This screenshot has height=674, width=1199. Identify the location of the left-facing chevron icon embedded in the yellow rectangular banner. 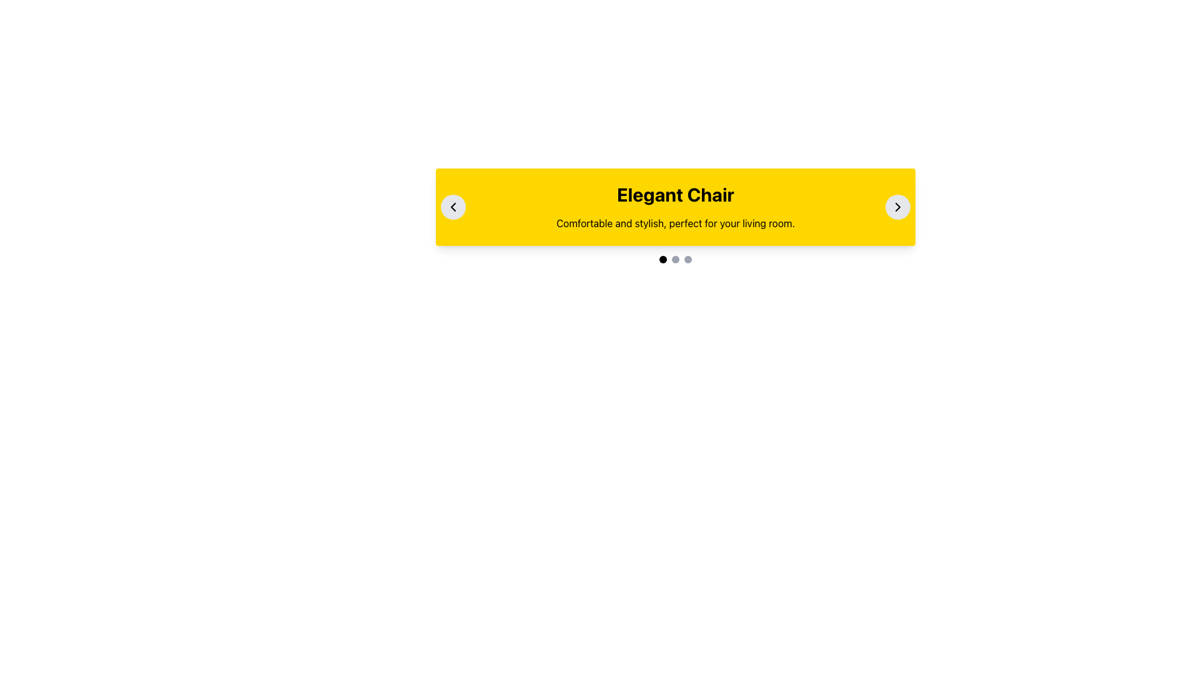
(452, 206).